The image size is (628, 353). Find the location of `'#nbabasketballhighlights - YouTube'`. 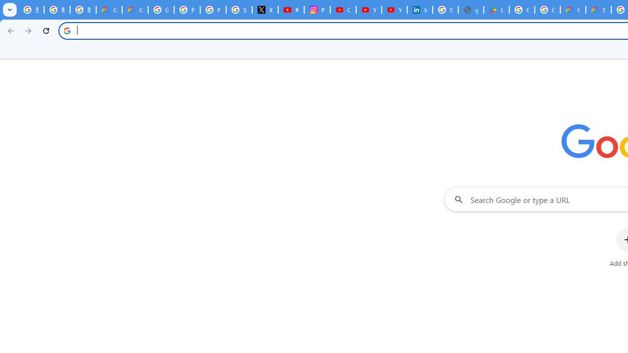

'#nbabasketballhighlights - YouTube' is located at coordinates (290, 10).